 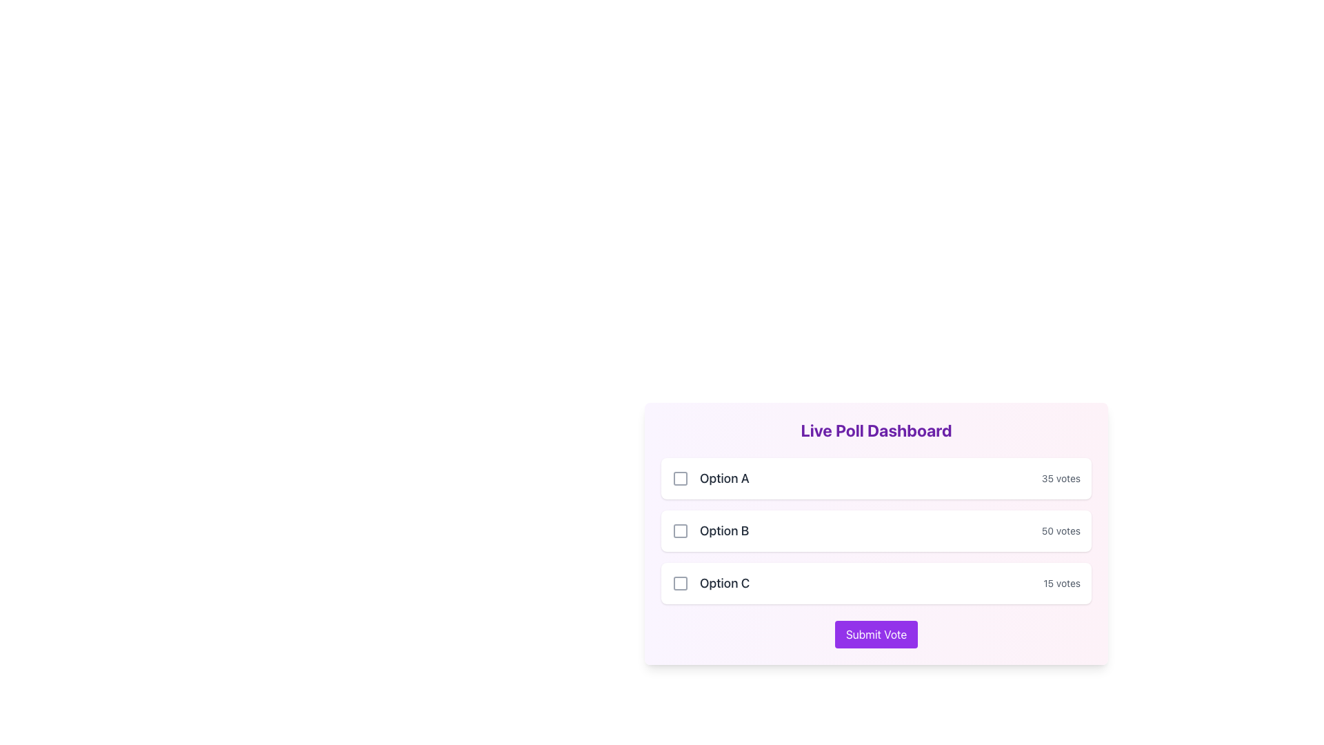 What do you see at coordinates (723, 530) in the screenshot?
I see `on the text label displaying 'Option B' in the second row of the poll options in the Live Poll Dashboard` at bounding box center [723, 530].